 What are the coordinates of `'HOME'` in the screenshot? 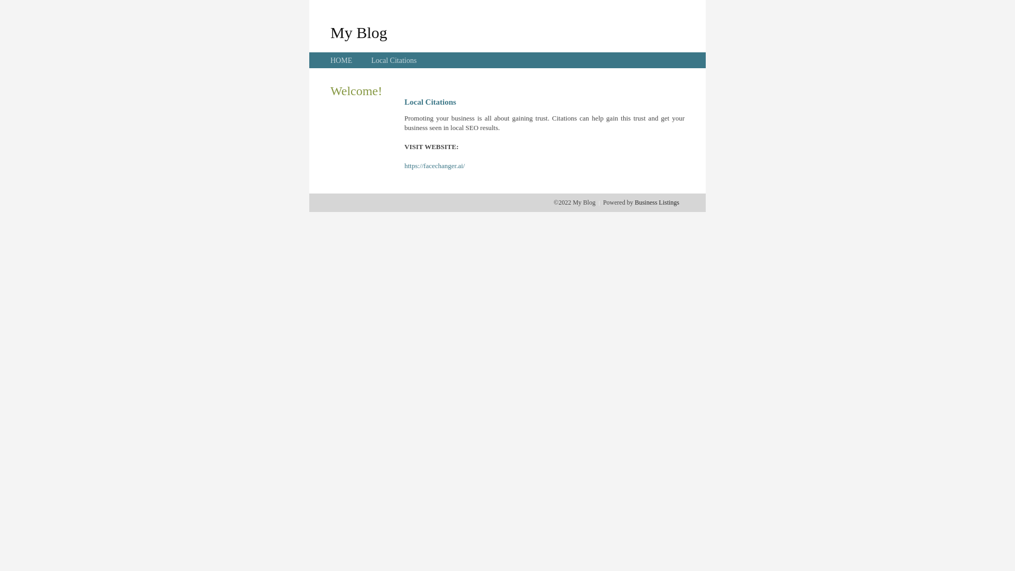 It's located at (341, 60).